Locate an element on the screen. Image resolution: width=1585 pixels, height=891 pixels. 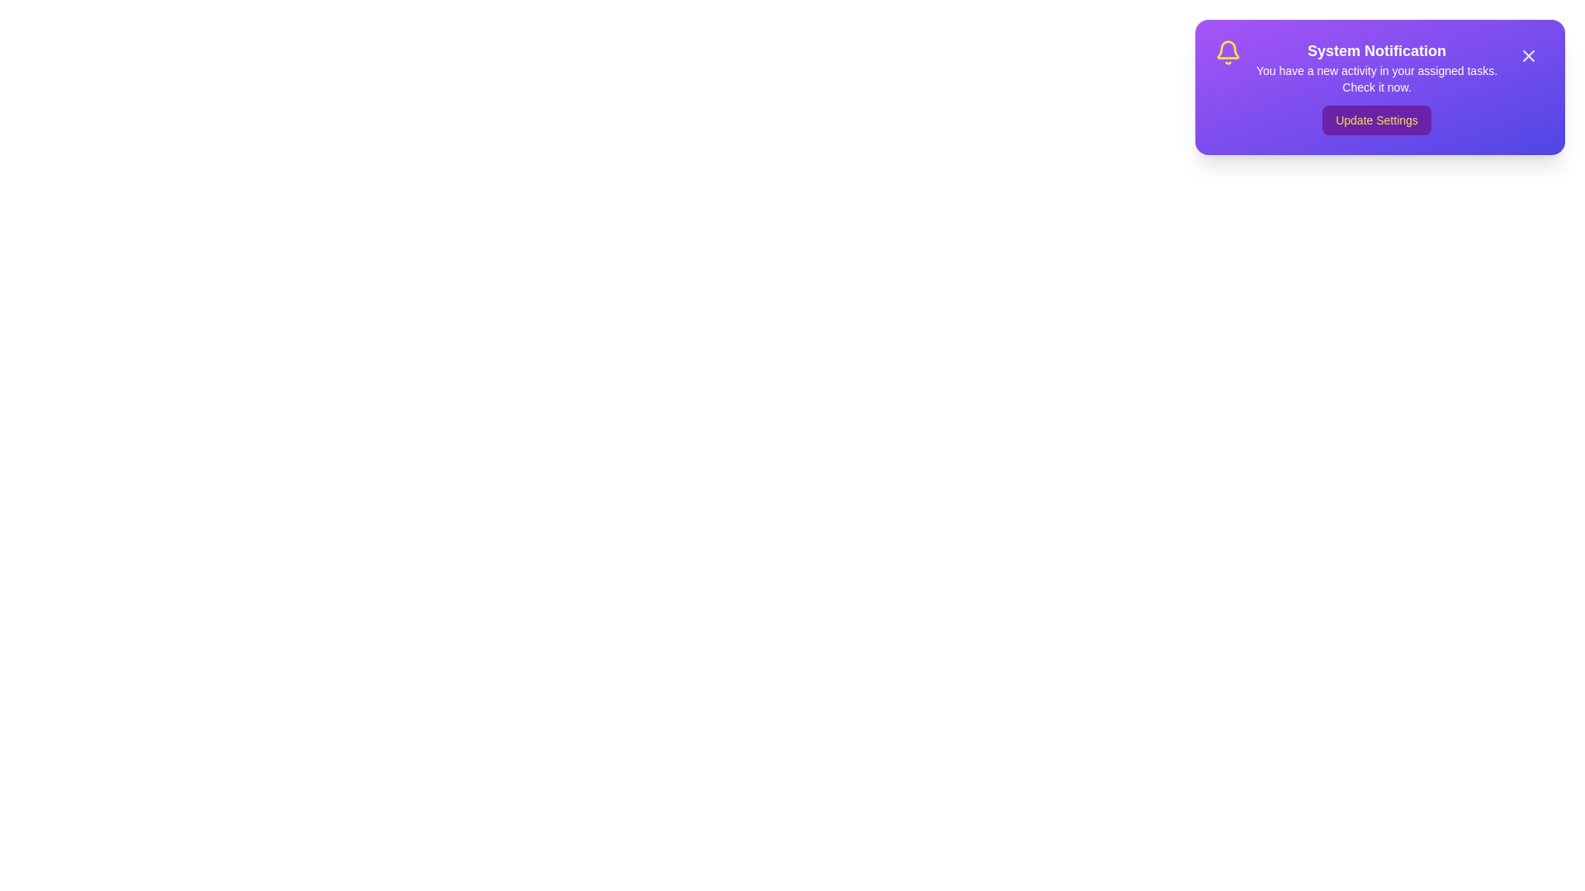
close button to dismiss the notification is located at coordinates (1528, 55).